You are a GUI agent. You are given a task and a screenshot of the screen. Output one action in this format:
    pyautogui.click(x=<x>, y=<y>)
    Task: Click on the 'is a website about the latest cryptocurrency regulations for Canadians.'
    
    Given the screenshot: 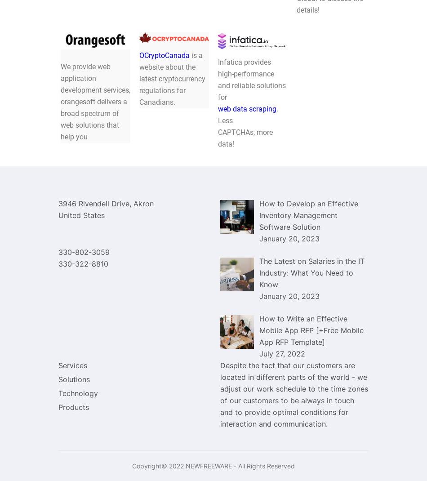 What is the action you would take?
    pyautogui.click(x=172, y=78)
    